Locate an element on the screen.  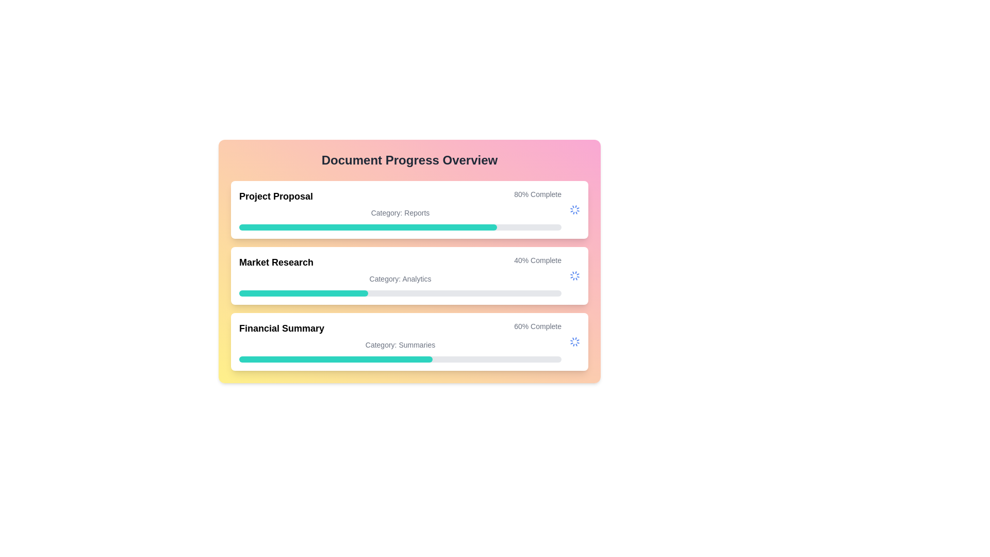
the animated spinner icon, which is a circular loading indicator with a blue outline, located to the right of the 'Market Research' section in the 'Document Progress Overview' panel is located at coordinates (574, 275).